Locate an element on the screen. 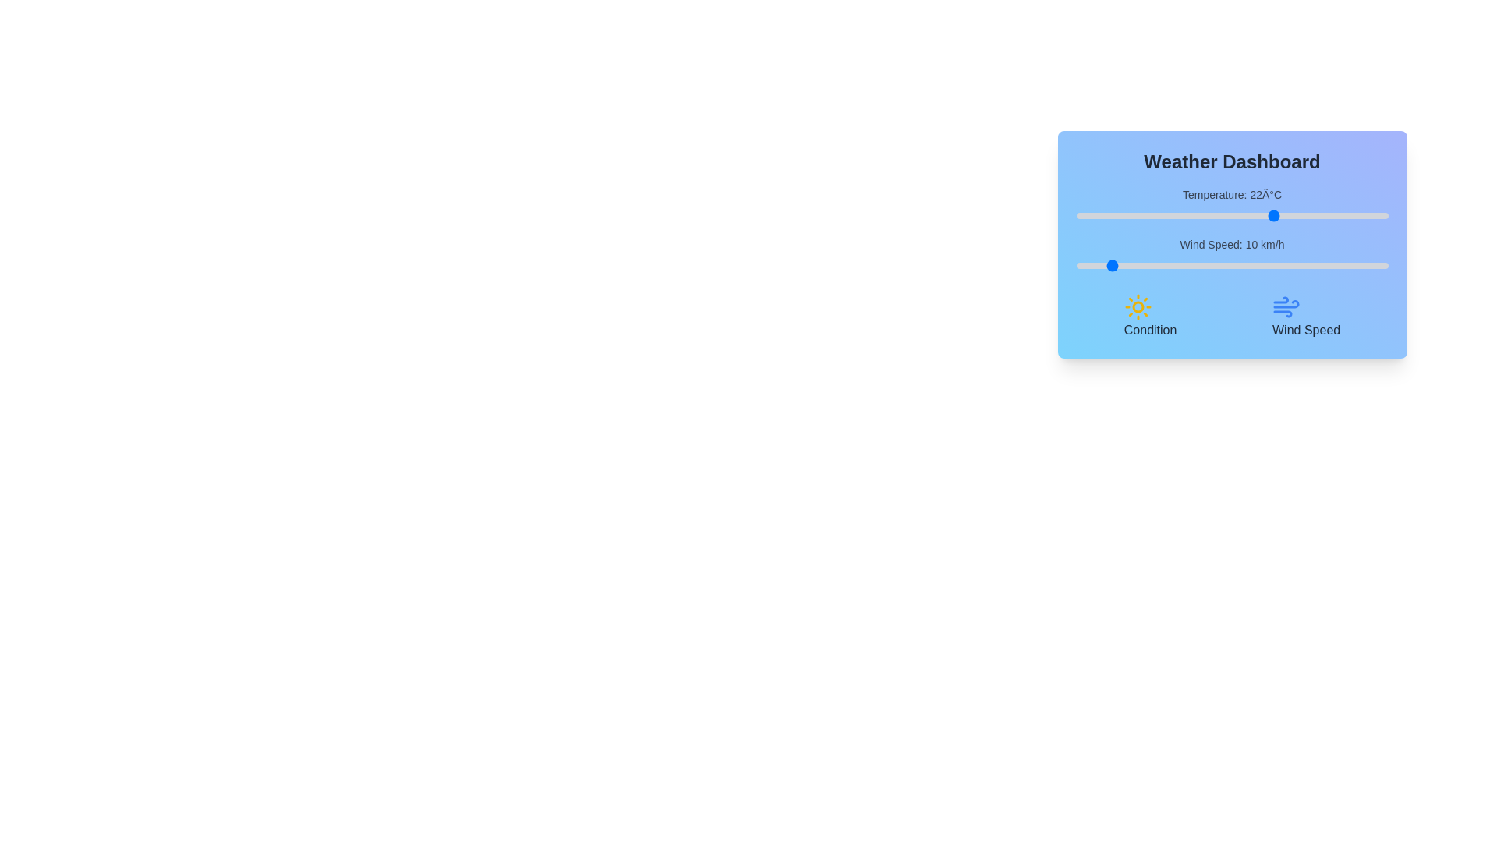 Image resolution: width=1497 pixels, height=842 pixels. the 'Wind Speed' icon to view its details is located at coordinates (1286, 306).